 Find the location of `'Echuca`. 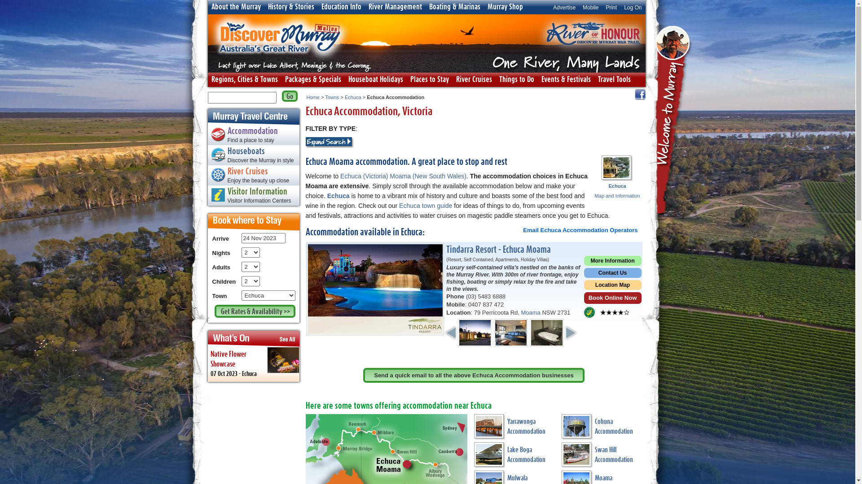

'Echuca is located at coordinates (617, 190).